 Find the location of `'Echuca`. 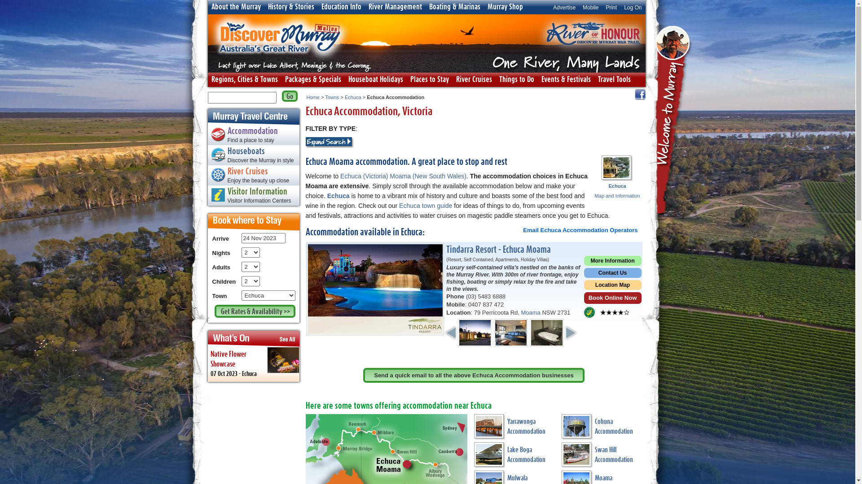

'Echuca is located at coordinates (617, 190).